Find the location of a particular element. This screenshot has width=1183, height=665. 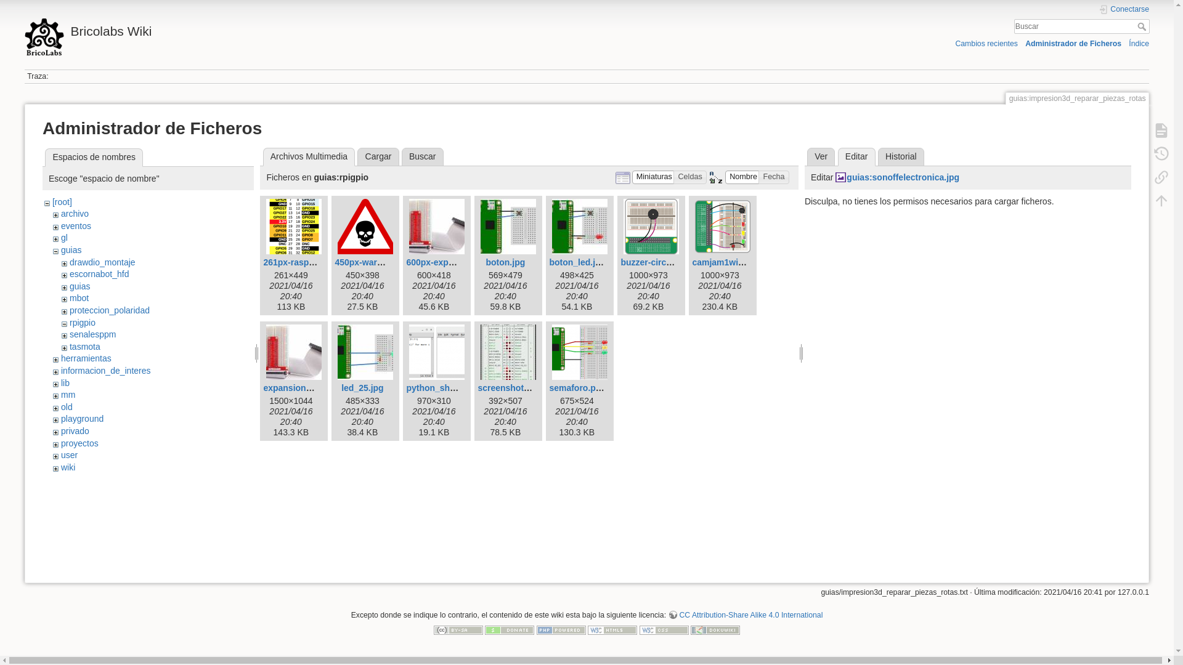

'escornabot_hfd' is located at coordinates (99, 273).